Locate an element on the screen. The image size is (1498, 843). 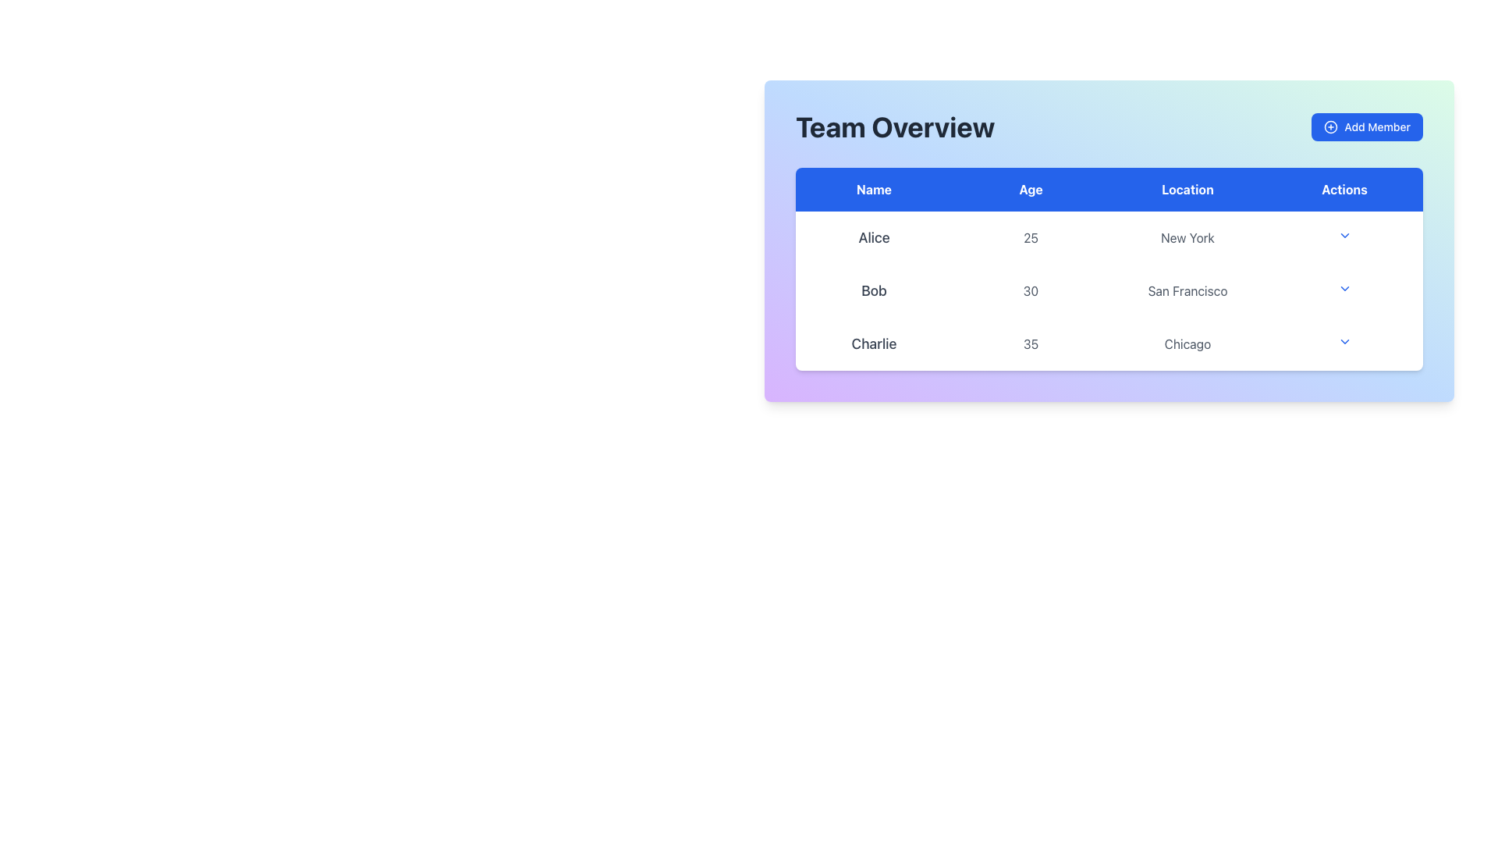
the first row of a table displaying user information, including name, age, and location is located at coordinates (1108, 237).